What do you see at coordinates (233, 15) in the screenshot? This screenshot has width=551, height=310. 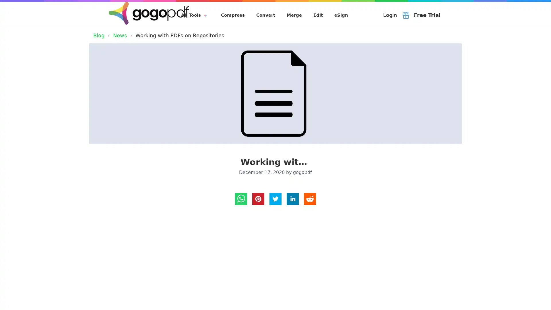 I see `Compress` at bounding box center [233, 15].